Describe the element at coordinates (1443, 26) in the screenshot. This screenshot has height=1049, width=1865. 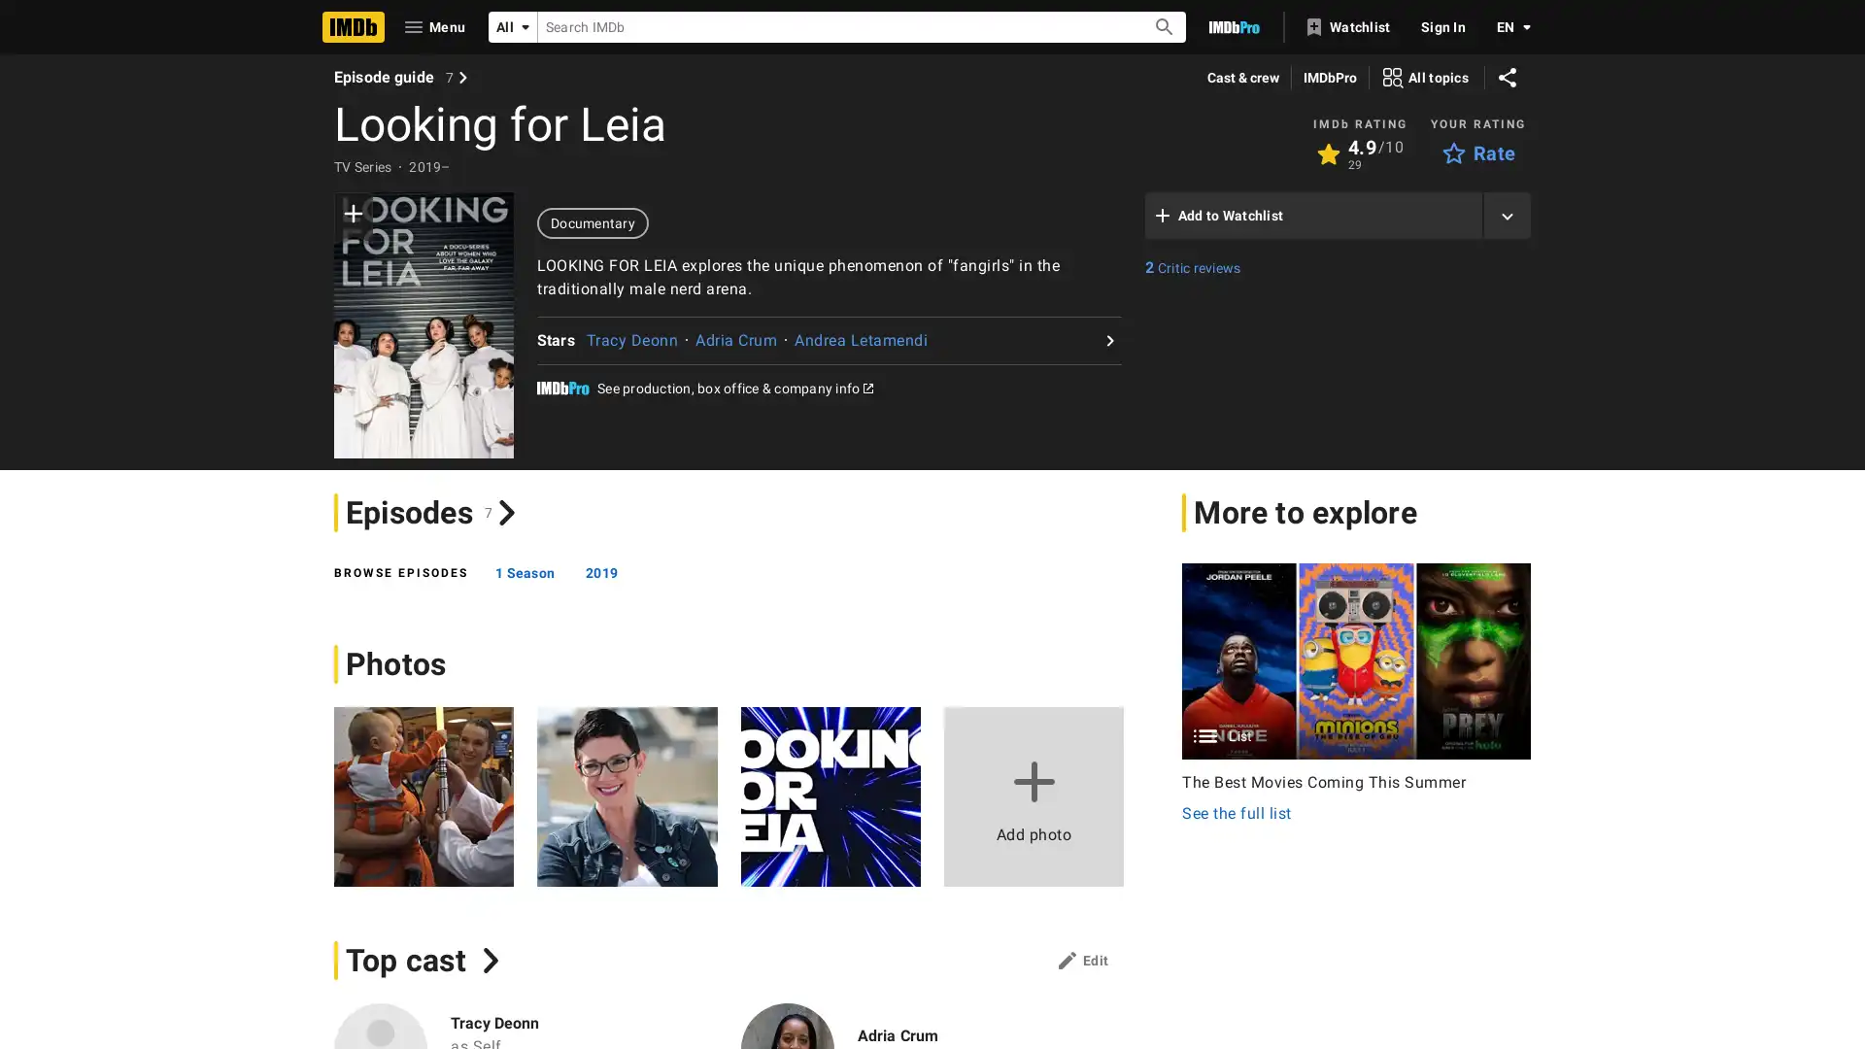
I see `Sign In` at that location.